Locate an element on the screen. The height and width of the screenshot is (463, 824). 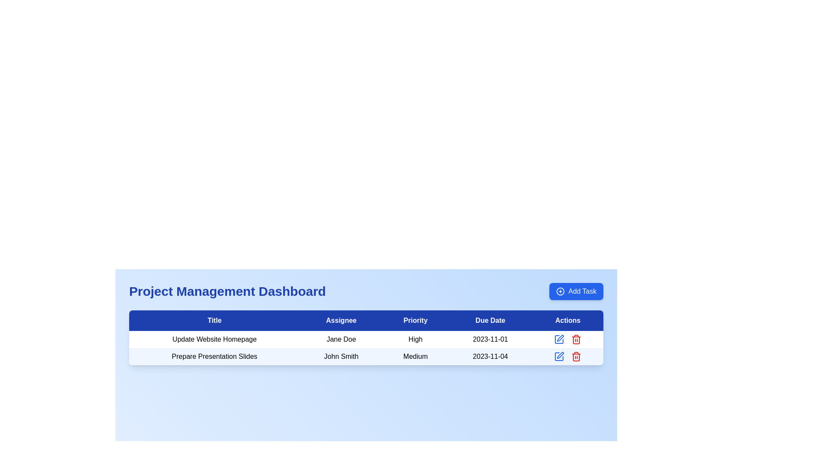
the edit icon button located in the 'Actions' column of the second row of the table is located at coordinates (560, 355).